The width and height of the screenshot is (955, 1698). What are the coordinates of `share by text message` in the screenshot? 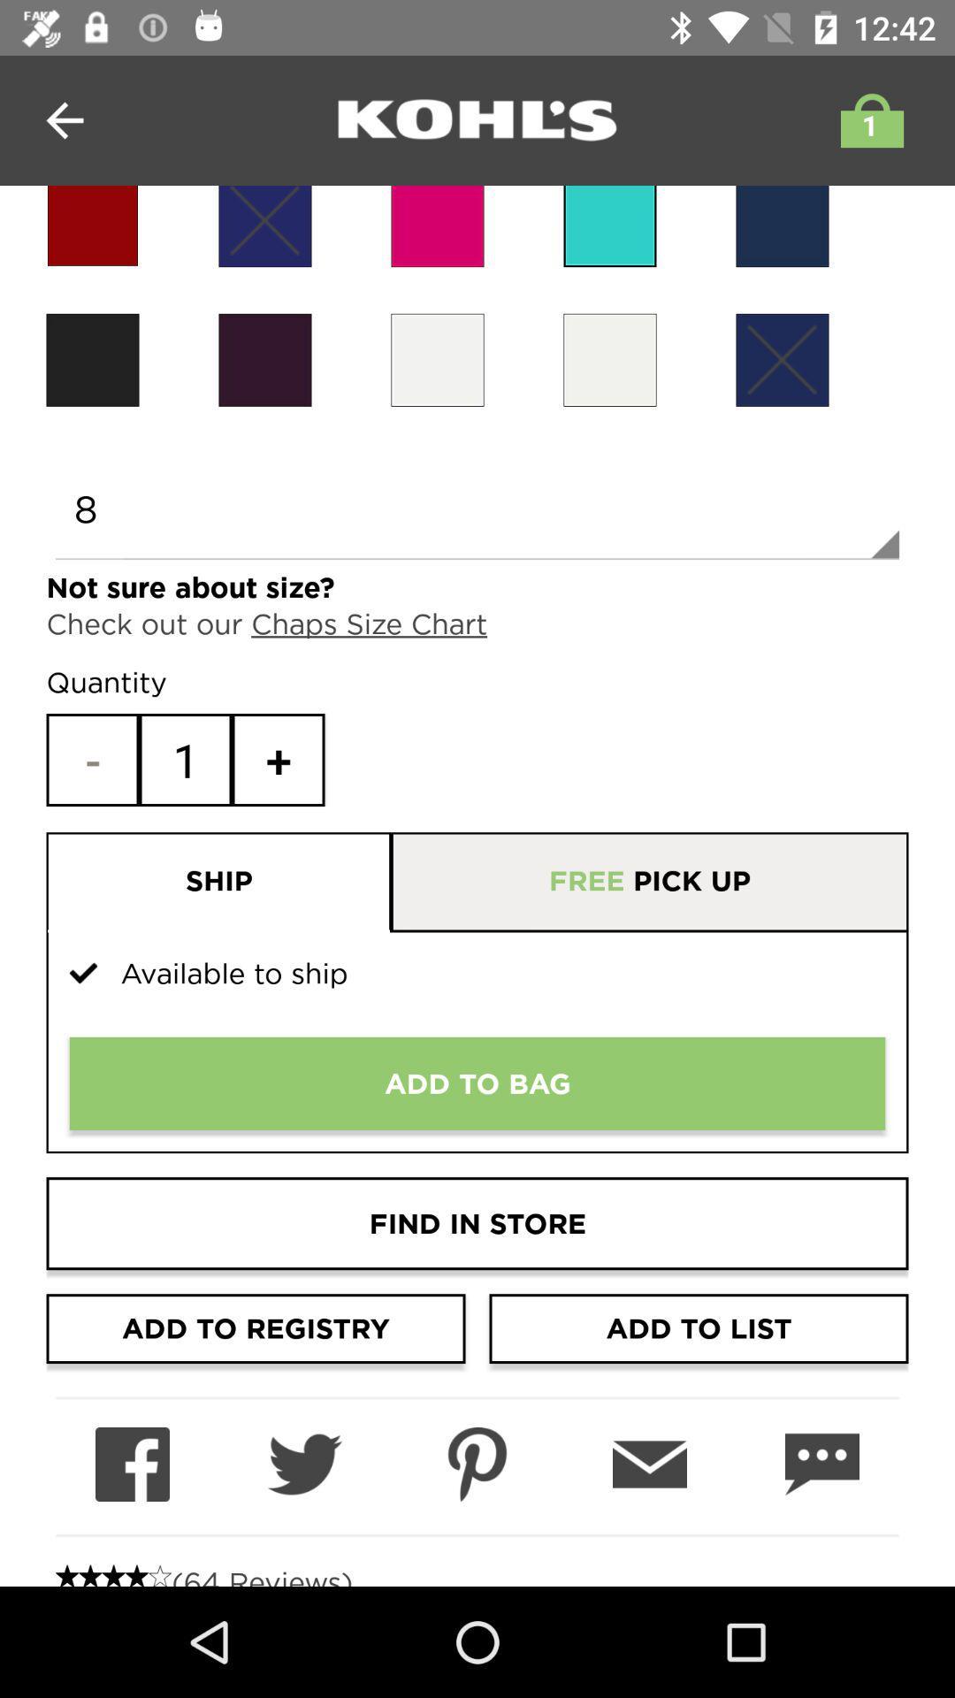 It's located at (821, 1465).